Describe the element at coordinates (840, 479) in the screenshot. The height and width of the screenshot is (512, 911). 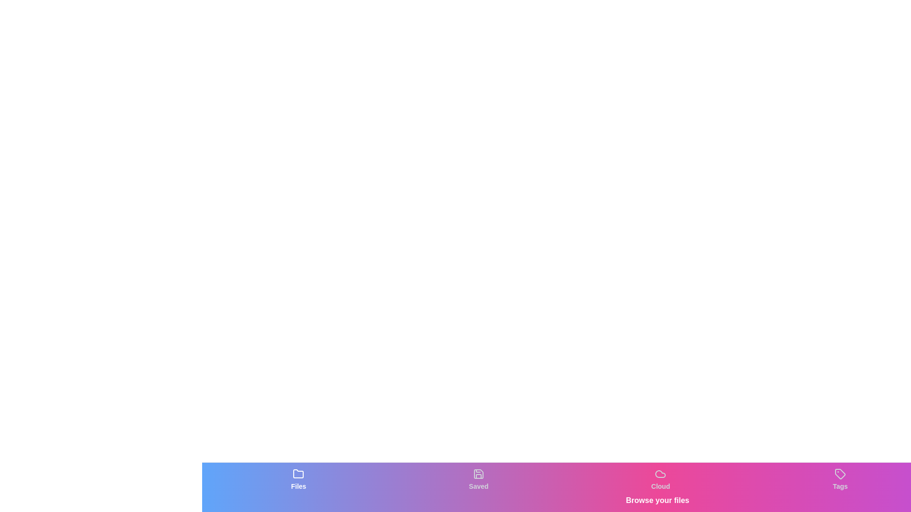
I see `the tab labeled Tags` at that location.